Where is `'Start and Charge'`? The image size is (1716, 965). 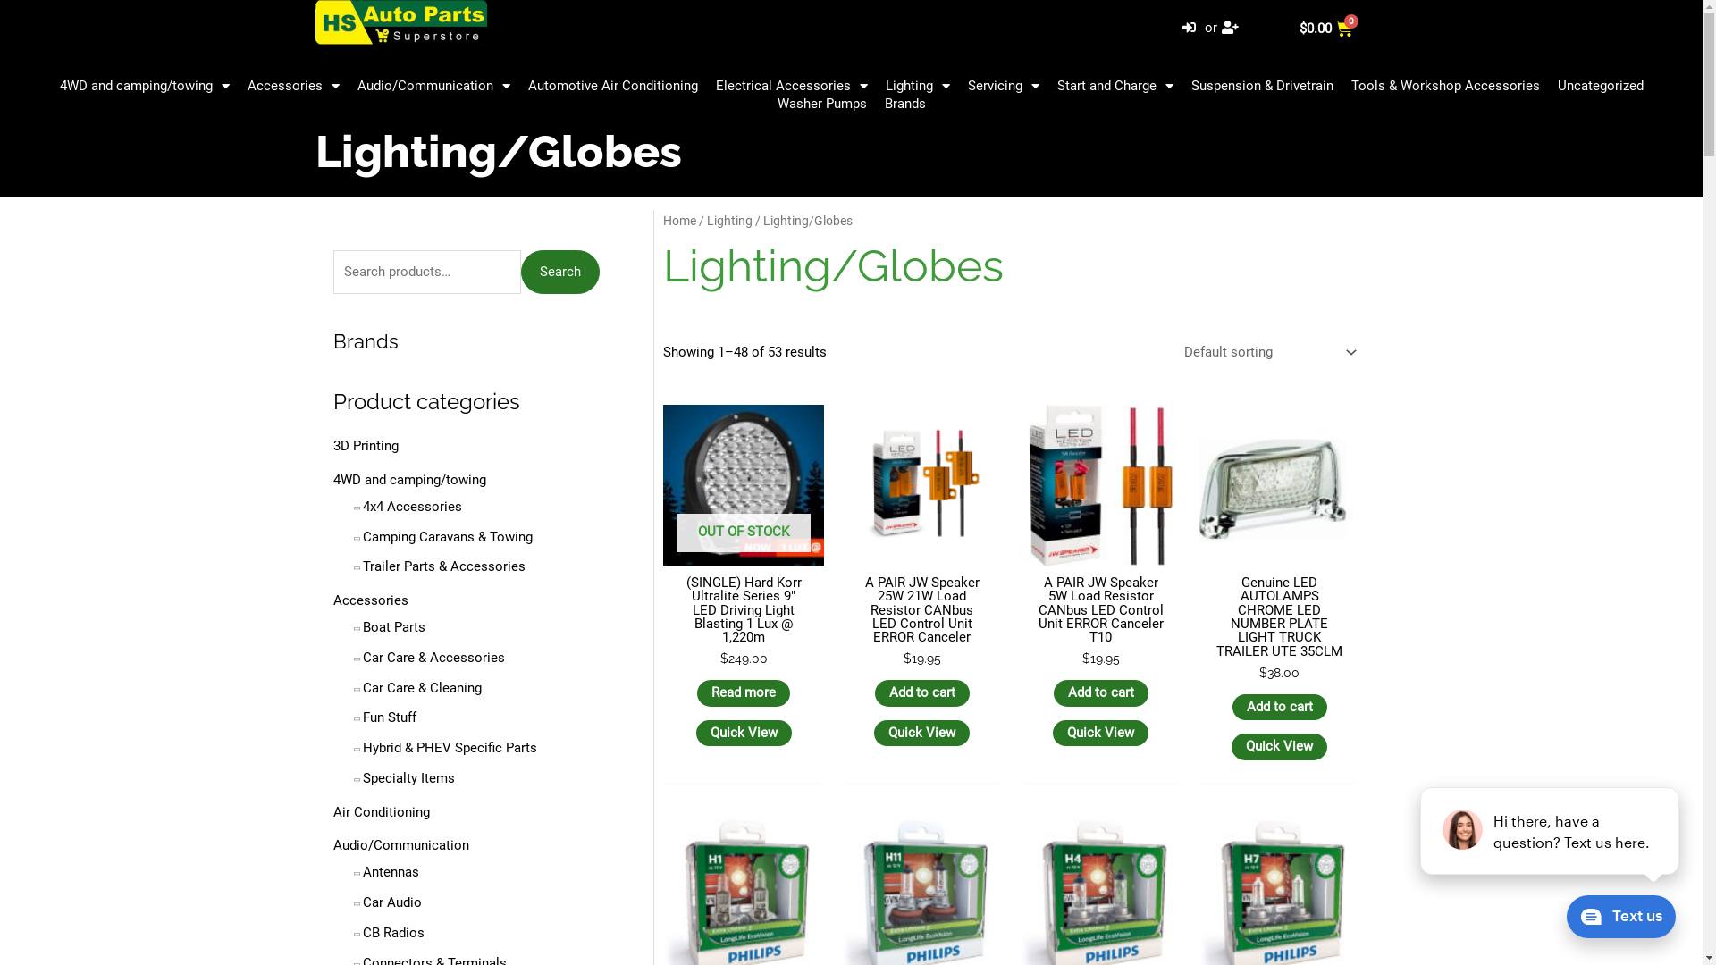
'Start and Charge' is located at coordinates (1114, 86).